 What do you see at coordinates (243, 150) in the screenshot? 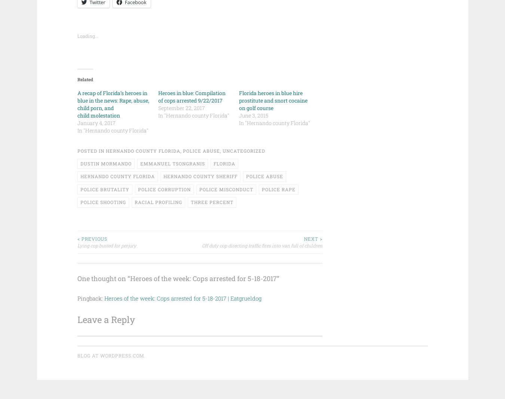
I see `'Uncategorized'` at bounding box center [243, 150].